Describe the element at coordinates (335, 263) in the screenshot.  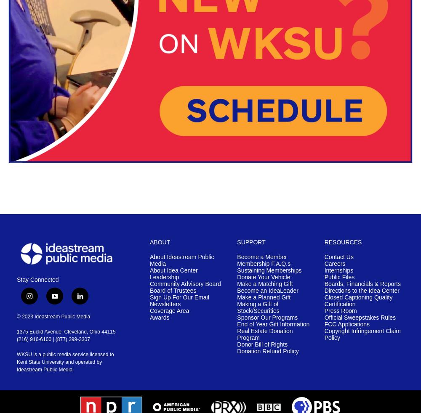
I see `'Careers'` at that location.